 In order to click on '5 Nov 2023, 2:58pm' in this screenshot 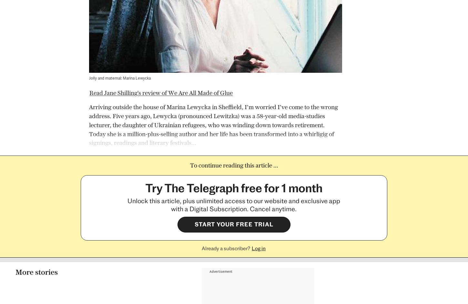, I will do `click(254, 246)`.